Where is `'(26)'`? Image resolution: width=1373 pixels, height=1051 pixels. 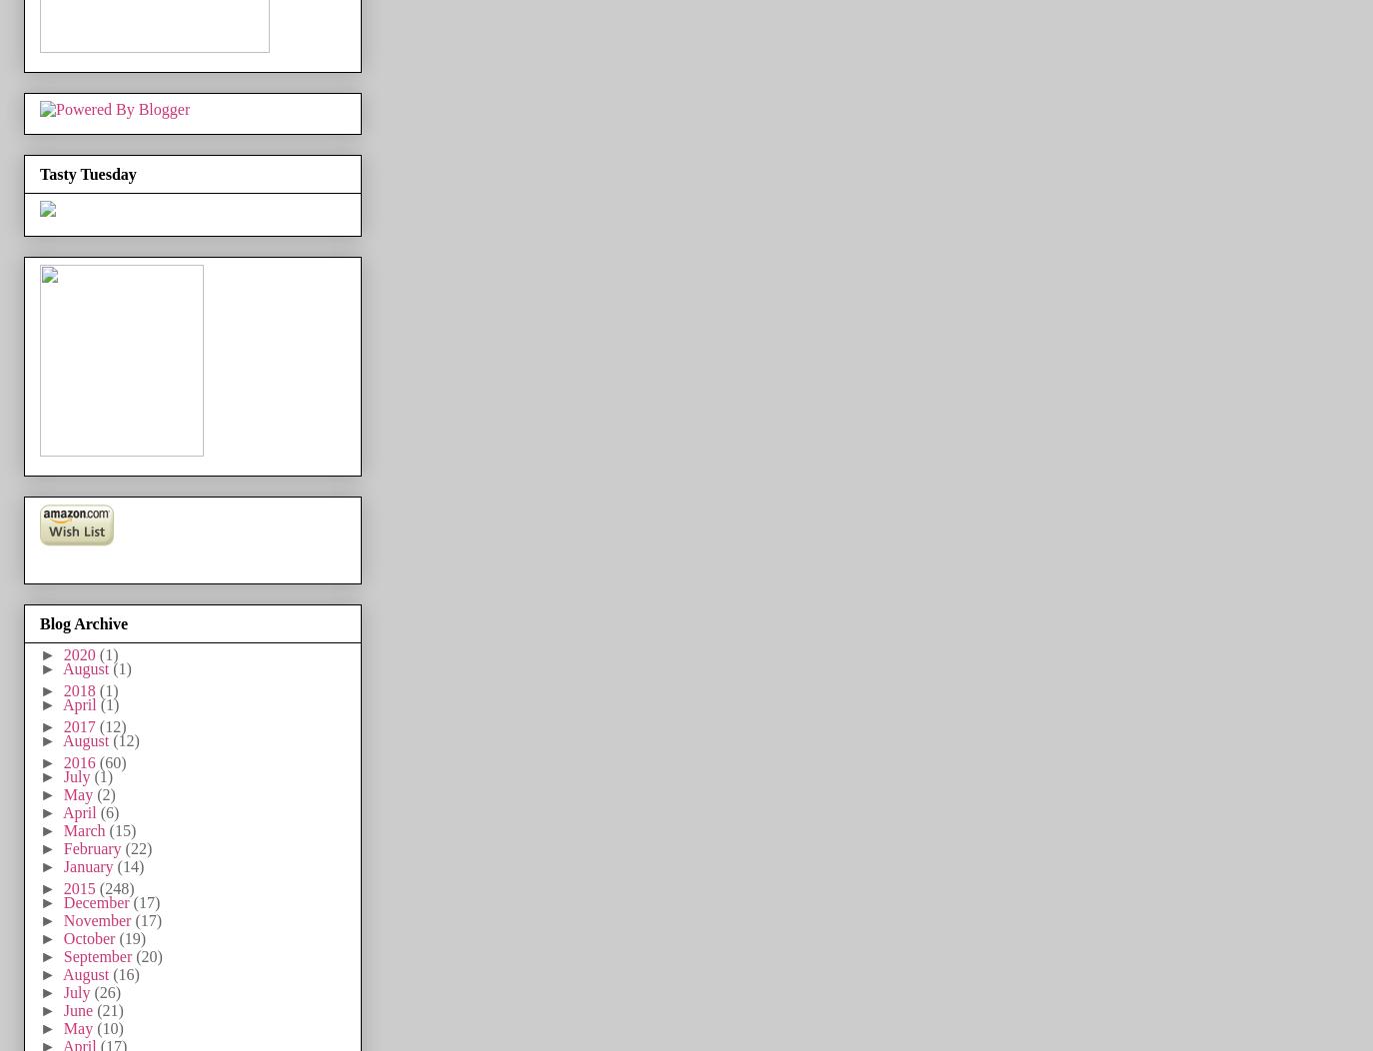
'(26)' is located at coordinates (106, 991).